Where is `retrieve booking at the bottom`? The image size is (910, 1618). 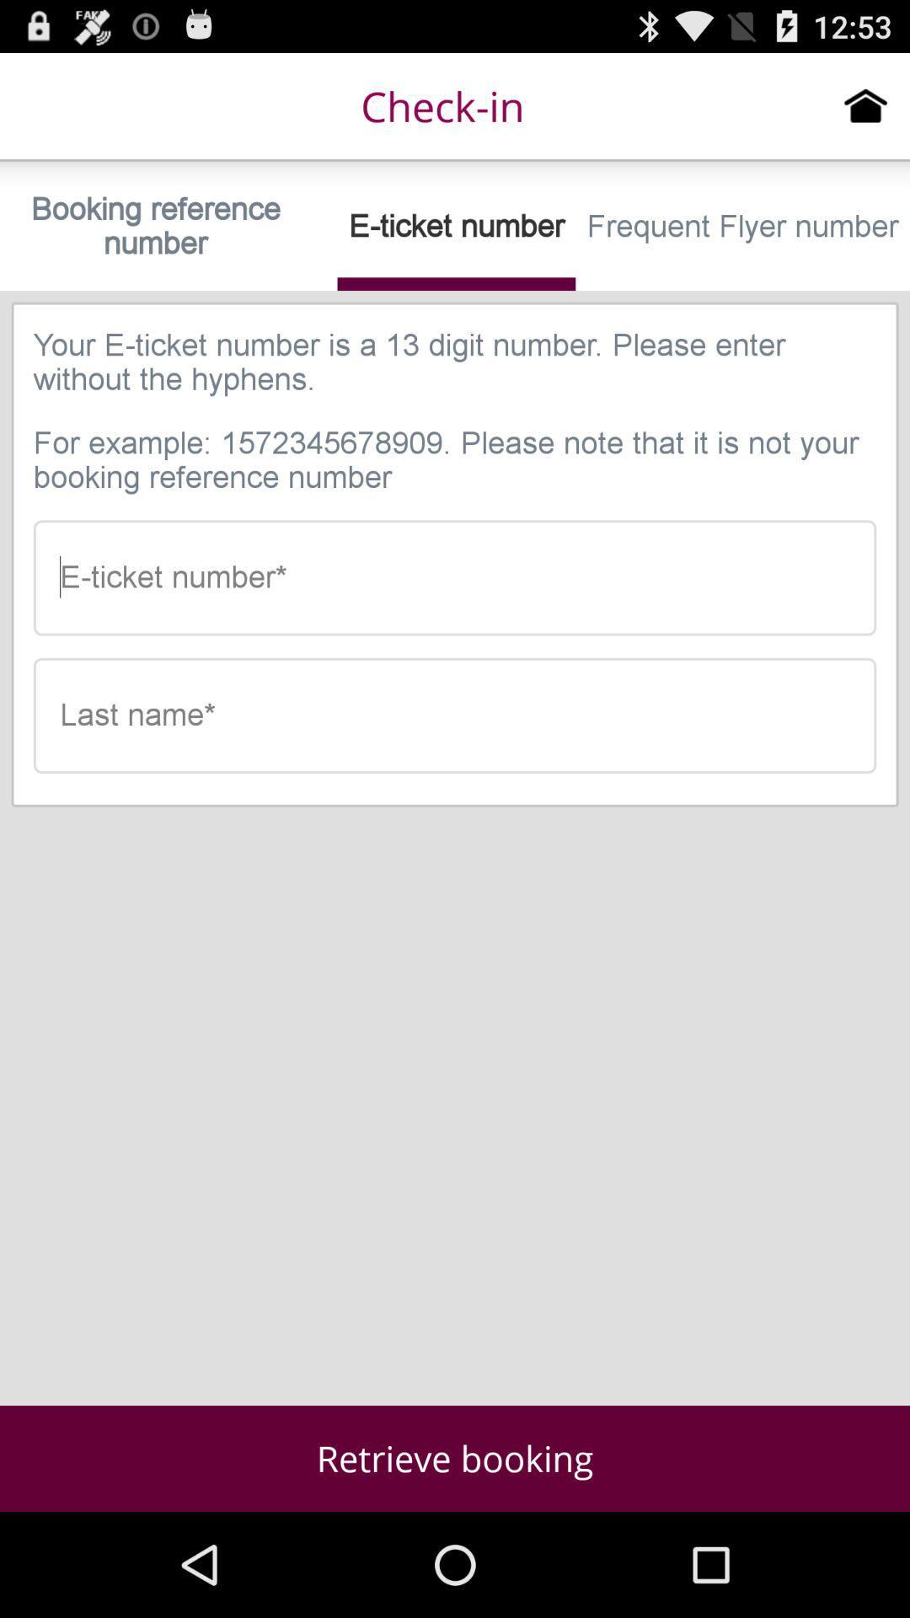 retrieve booking at the bottom is located at coordinates (455, 1458).